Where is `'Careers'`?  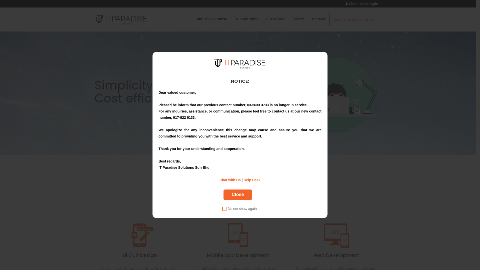
'Careers' is located at coordinates (297, 19).